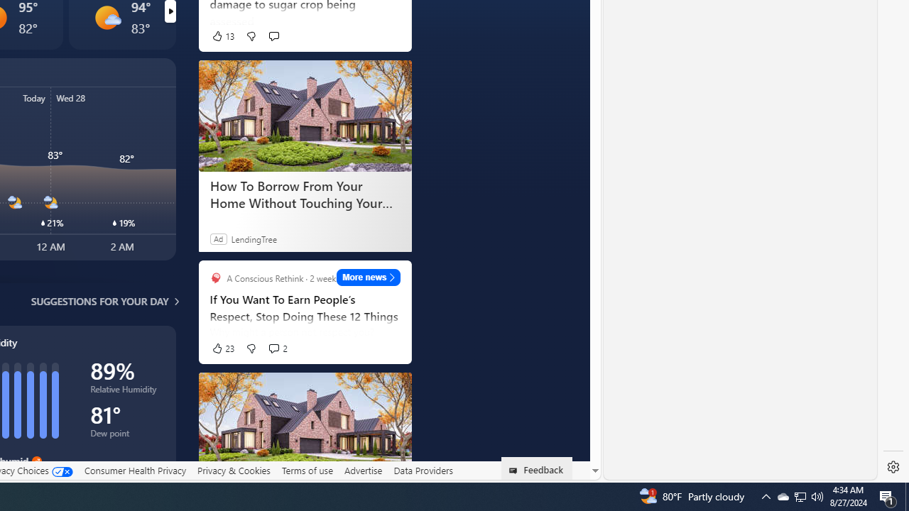  I want to click on 'Privacy & Cookies', so click(234, 471).